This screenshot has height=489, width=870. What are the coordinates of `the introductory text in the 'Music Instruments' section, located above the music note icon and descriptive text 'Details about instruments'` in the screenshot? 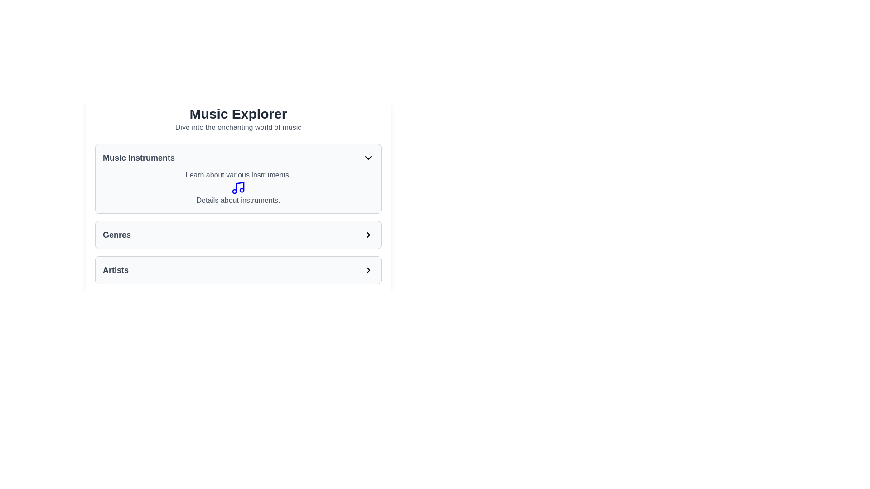 It's located at (238, 175).